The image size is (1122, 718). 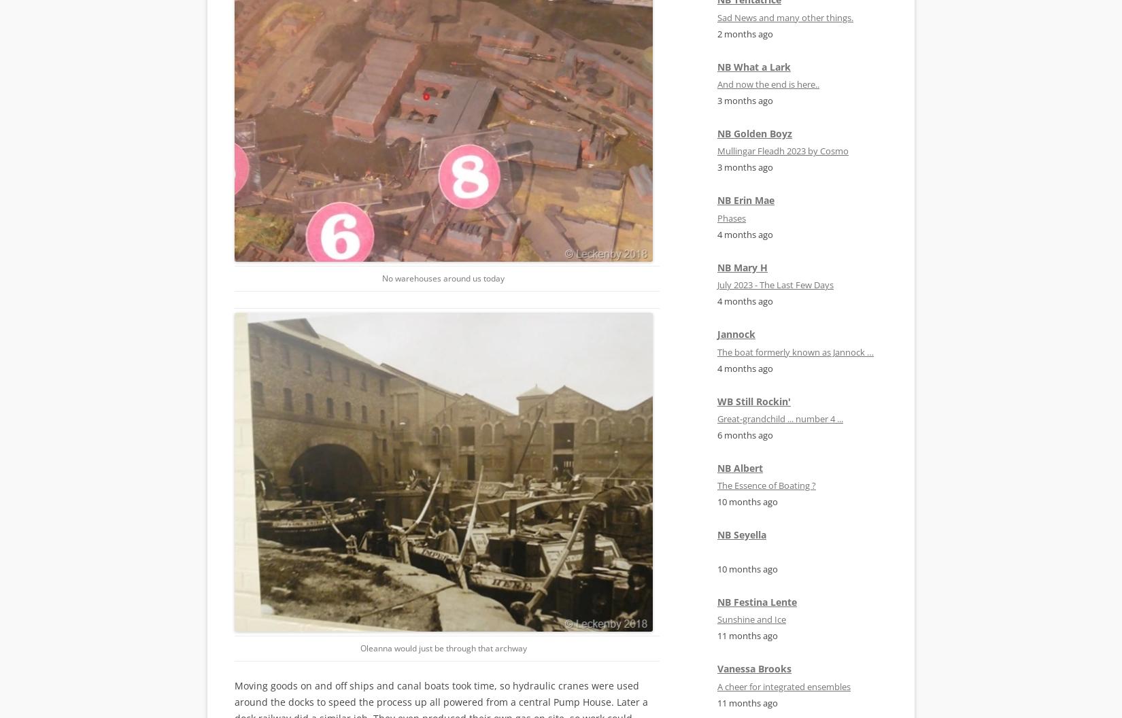 What do you see at coordinates (780, 417) in the screenshot?
I see `'Great-grandchild ... number 4 ...'` at bounding box center [780, 417].